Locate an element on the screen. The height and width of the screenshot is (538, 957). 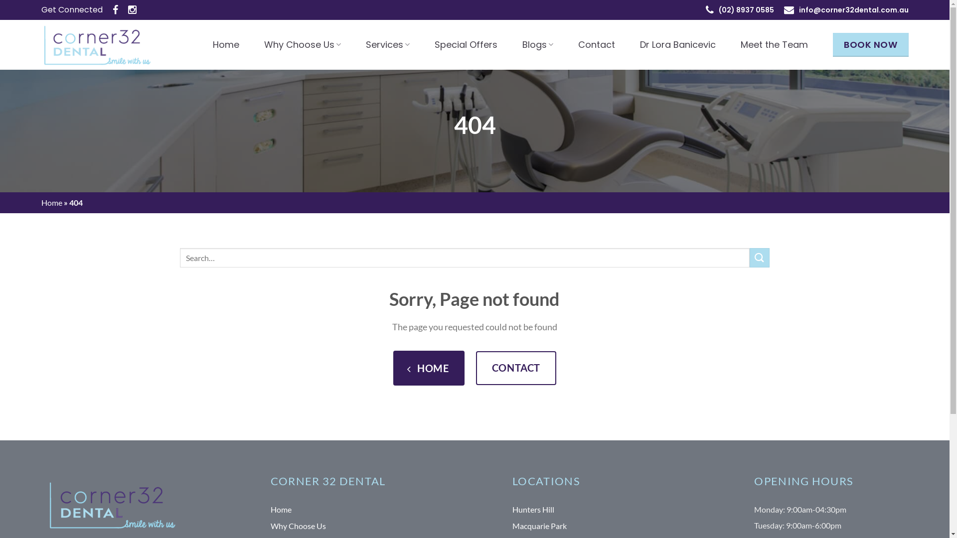
'Macquarie Park' is located at coordinates (512, 526).